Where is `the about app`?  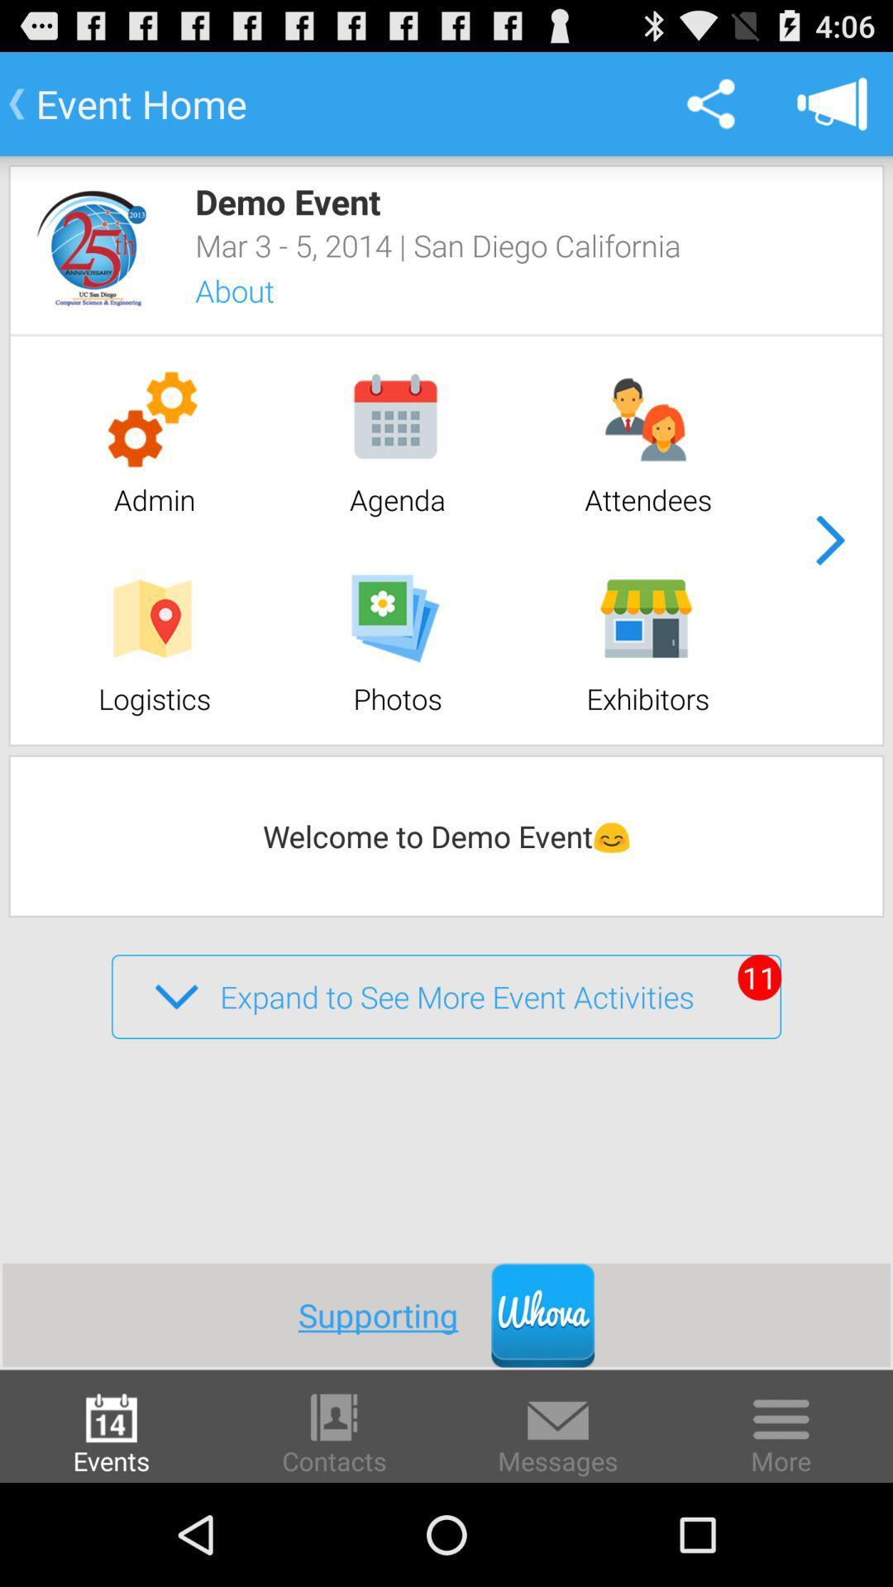
the about app is located at coordinates (256, 292).